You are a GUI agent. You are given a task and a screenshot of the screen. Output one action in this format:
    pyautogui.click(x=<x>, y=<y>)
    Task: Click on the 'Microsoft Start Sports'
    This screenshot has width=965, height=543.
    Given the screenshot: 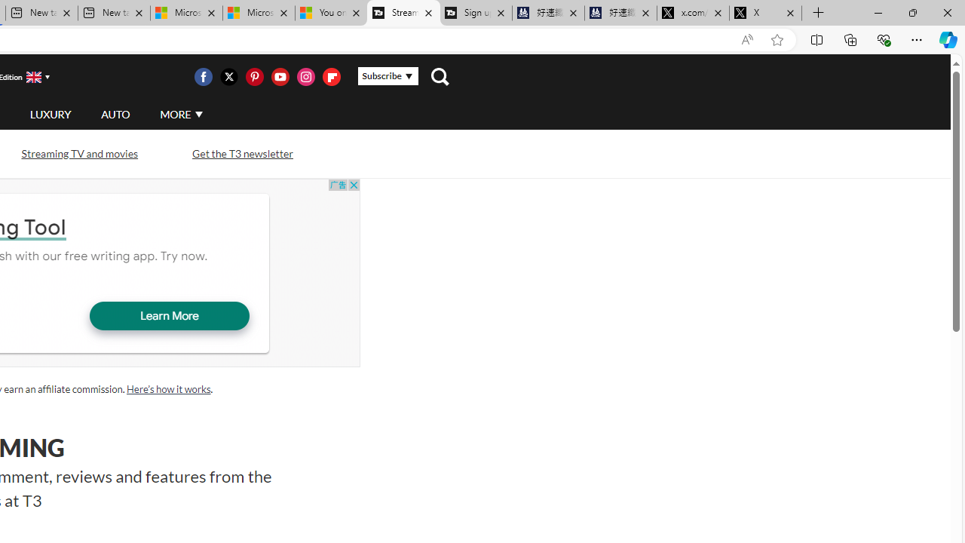 What is the action you would take?
    pyautogui.click(x=185, y=13)
    